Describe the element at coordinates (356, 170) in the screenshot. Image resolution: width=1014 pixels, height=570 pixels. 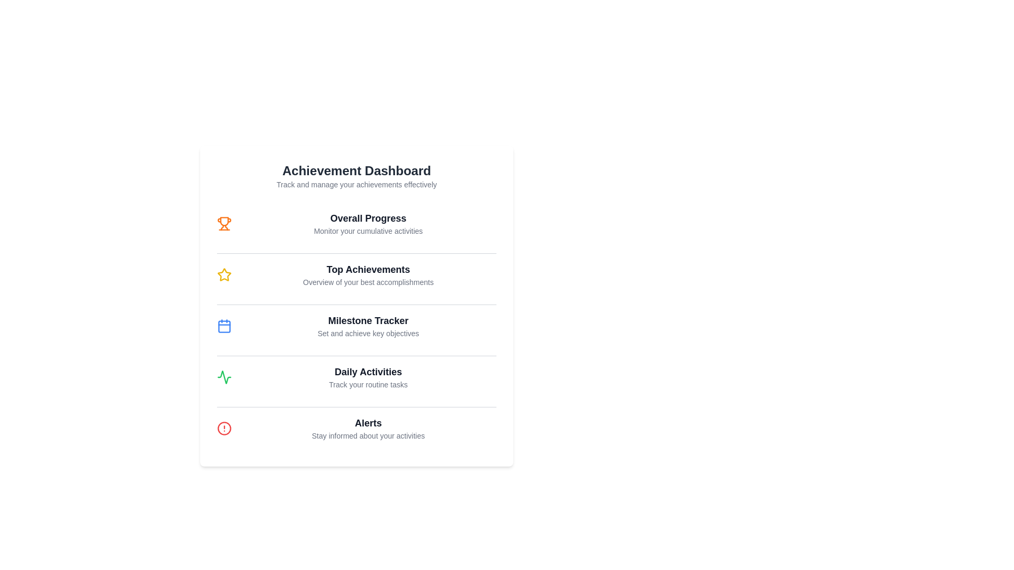
I see `the Text label that serves as the heading for the Achievement Dashboard section, located at the top of the layout` at that location.